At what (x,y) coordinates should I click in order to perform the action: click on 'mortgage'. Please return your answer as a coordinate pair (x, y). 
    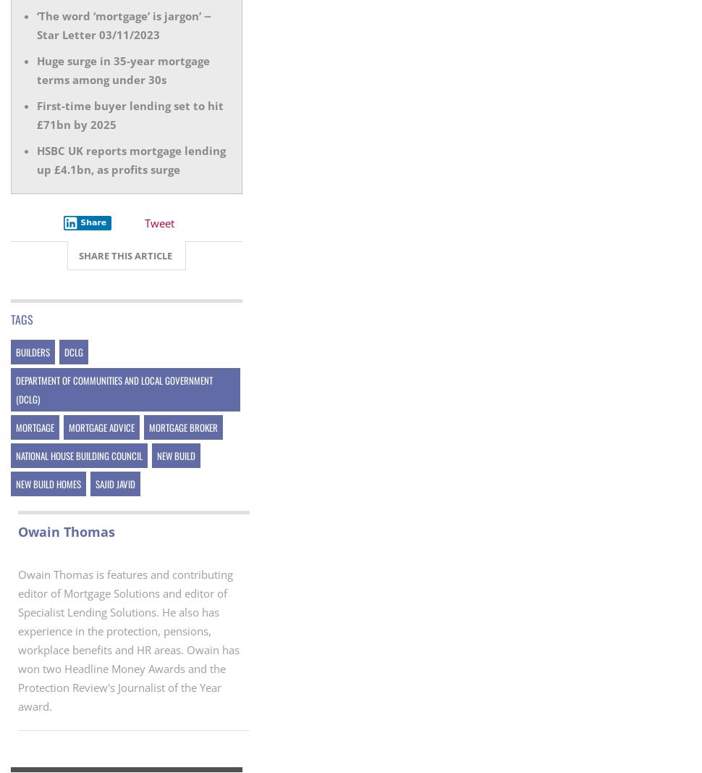
    Looking at the image, I should click on (35, 427).